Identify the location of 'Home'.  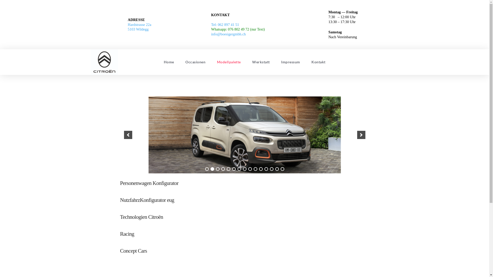
(169, 62).